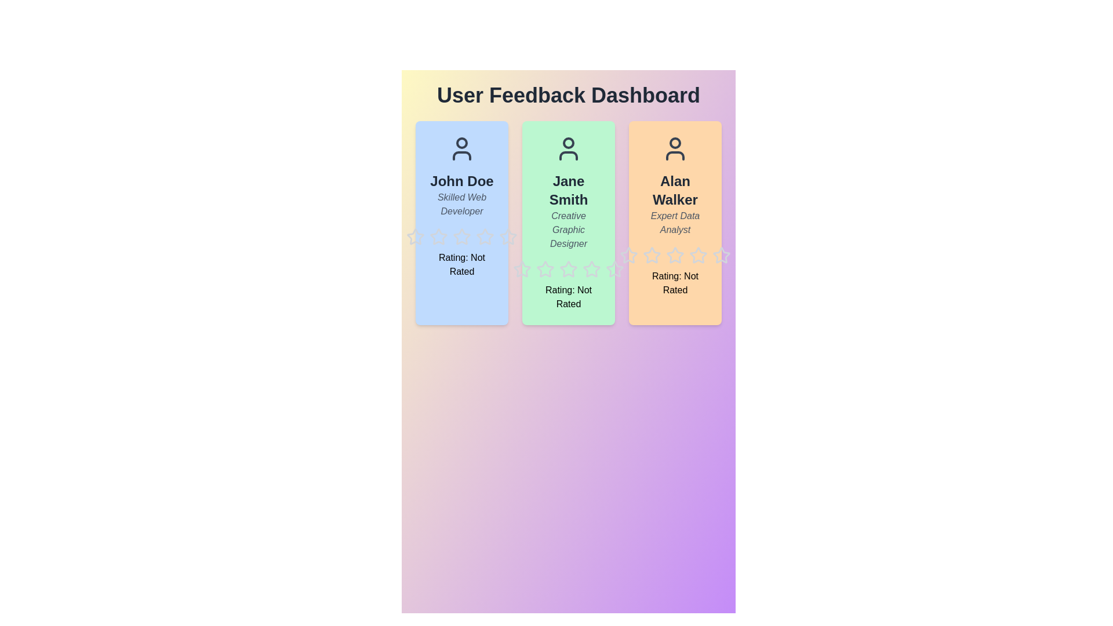  I want to click on the star icon corresponding to 2 for user Alan Walker, so click(642, 245).